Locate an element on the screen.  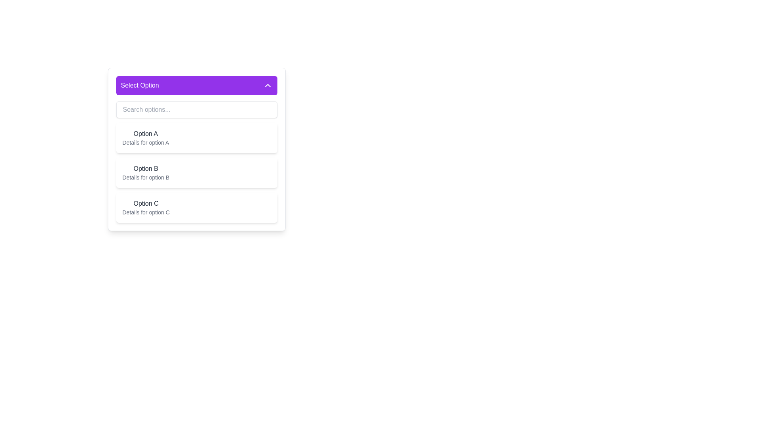
the selectable list item labeled 'Option C' is located at coordinates (196, 207).